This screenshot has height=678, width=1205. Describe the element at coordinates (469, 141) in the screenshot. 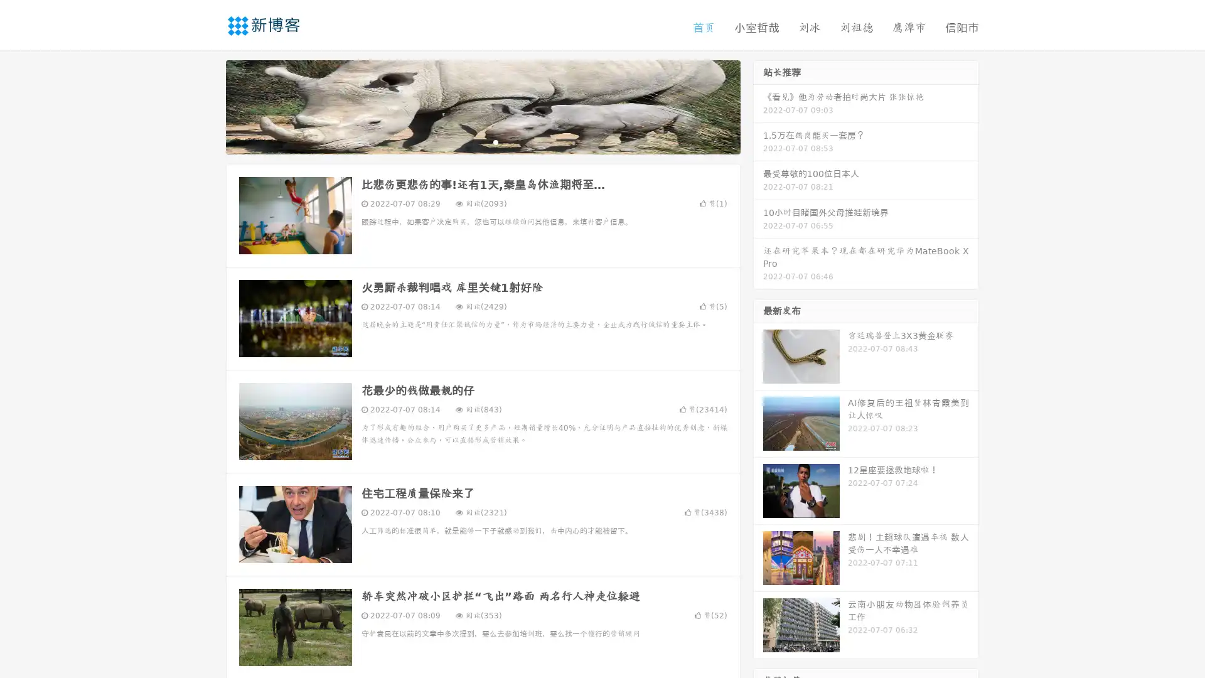

I see `Go to slide 1` at that location.